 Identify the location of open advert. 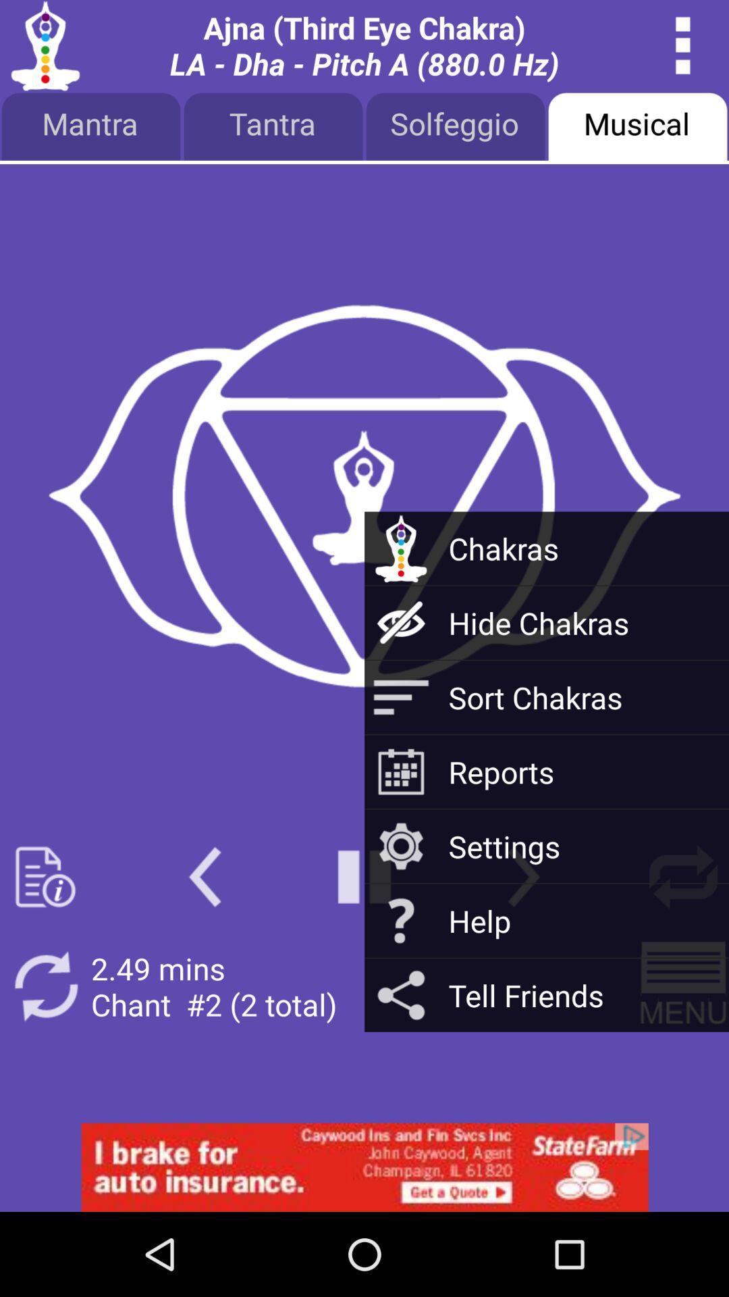
(364, 1167).